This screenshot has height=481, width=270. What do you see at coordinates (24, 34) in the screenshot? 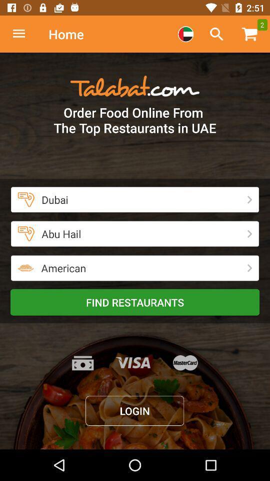
I see `show menu` at bounding box center [24, 34].